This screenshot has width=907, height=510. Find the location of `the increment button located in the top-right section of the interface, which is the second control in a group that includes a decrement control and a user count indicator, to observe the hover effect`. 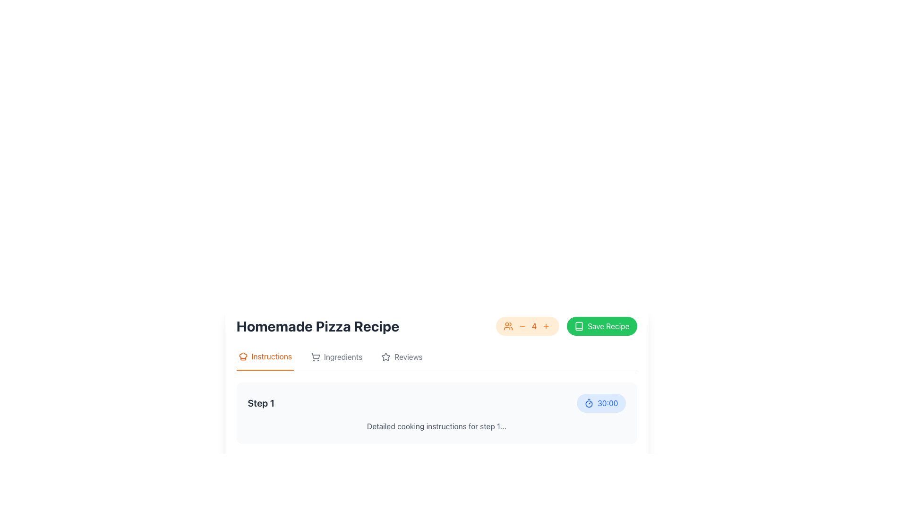

the increment button located in the top-right section of the interface, which is the second control in a group that includes a decrement control and a user count indicator, to observe the hover effect is located at coordinates (546, 325).